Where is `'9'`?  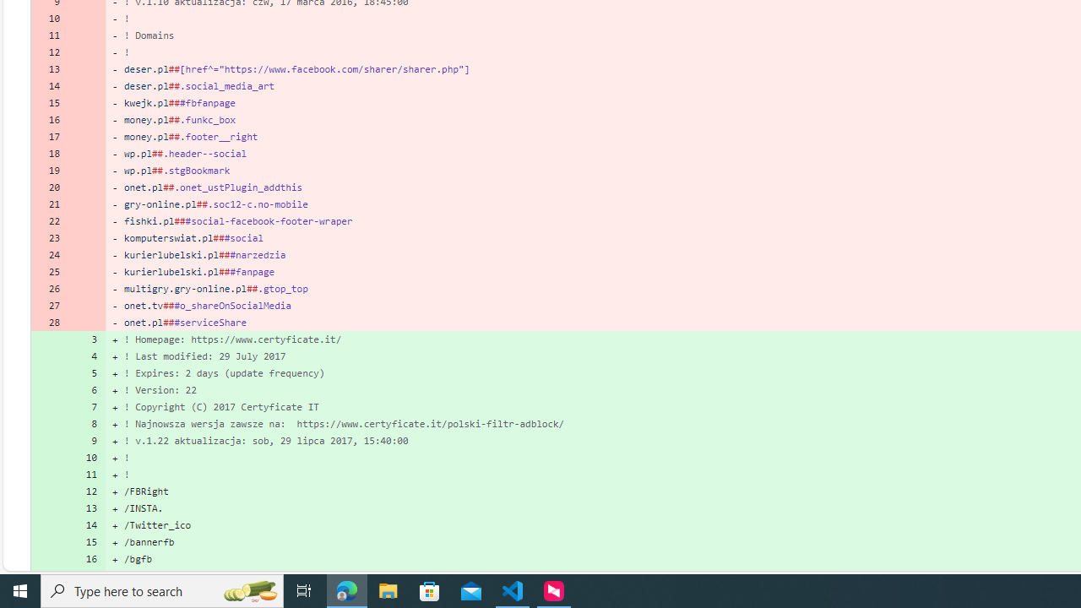
'9' is located at coordinates (86, 440).